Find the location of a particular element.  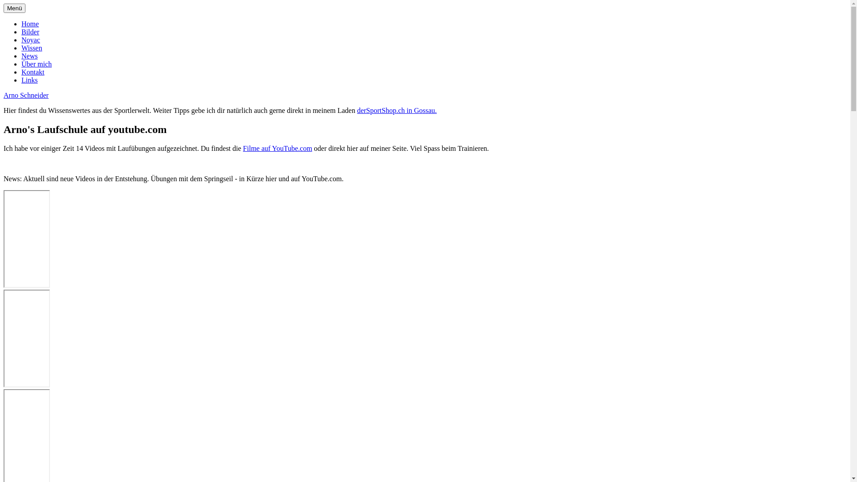

'derSportShop.ch in Gossau.' is located at coordinates (396, 110).